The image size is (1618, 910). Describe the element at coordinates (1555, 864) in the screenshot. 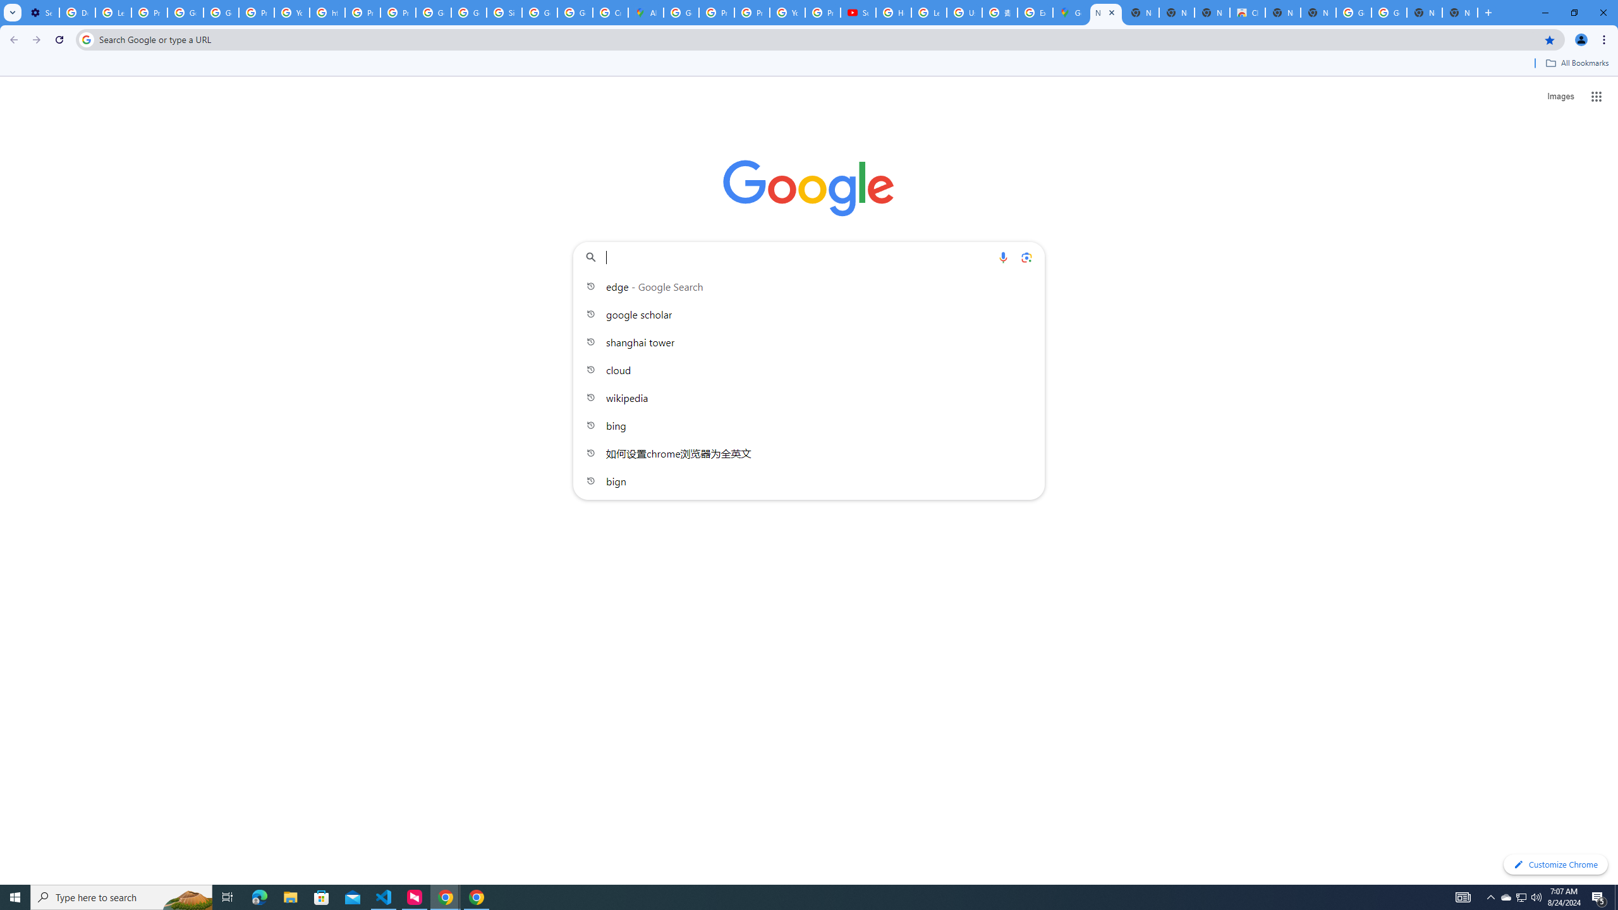

I see `'Customize Chrome'` at that location.